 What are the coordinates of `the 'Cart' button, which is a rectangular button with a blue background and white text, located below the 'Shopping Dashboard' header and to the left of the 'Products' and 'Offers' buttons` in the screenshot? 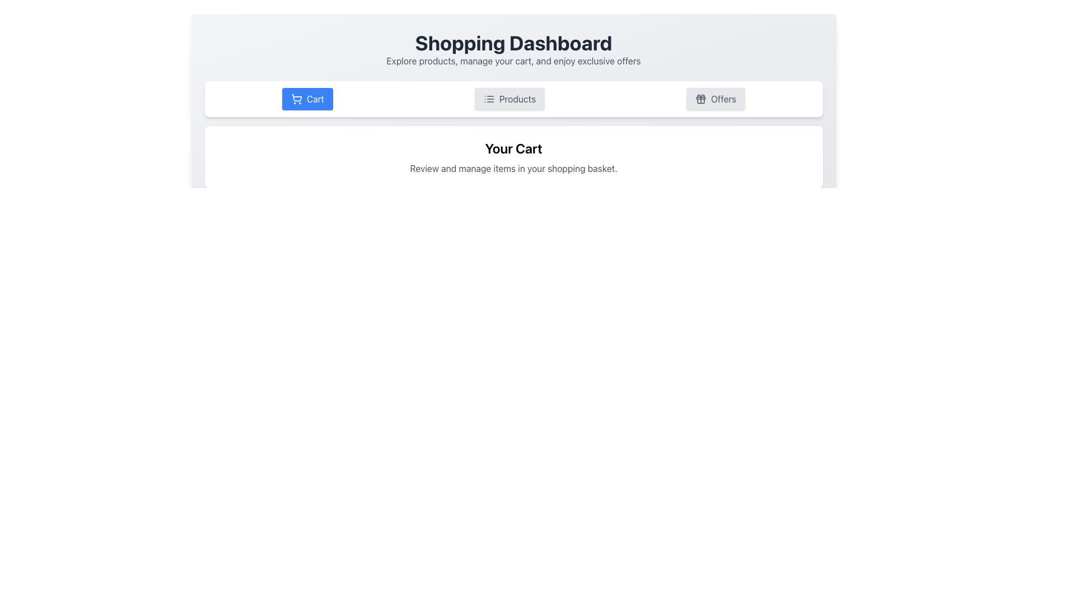 It's located at (307, 99).